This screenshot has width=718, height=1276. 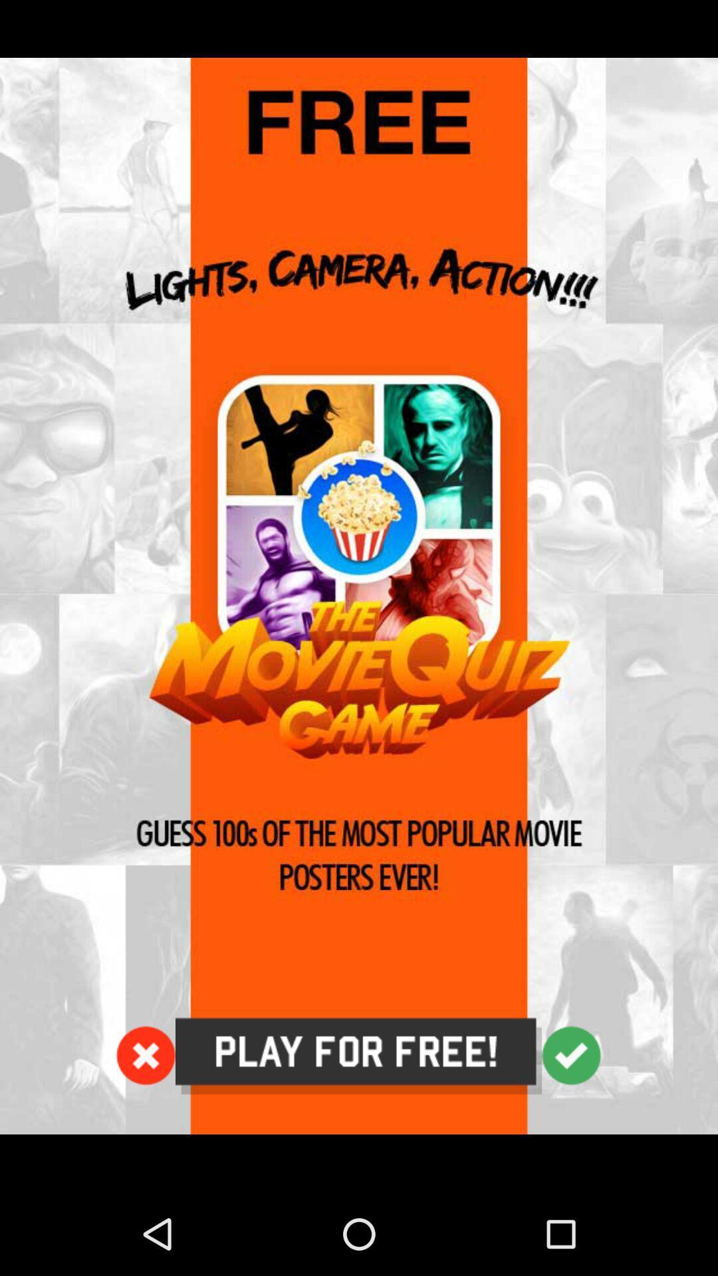 I want to click on tap to play, so click(x=358, y=1055).